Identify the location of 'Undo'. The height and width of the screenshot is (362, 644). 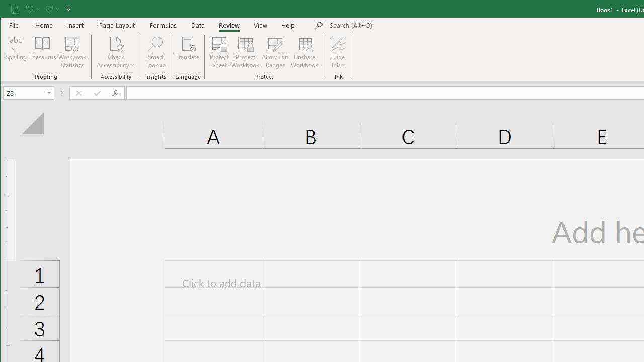
(32, 9).